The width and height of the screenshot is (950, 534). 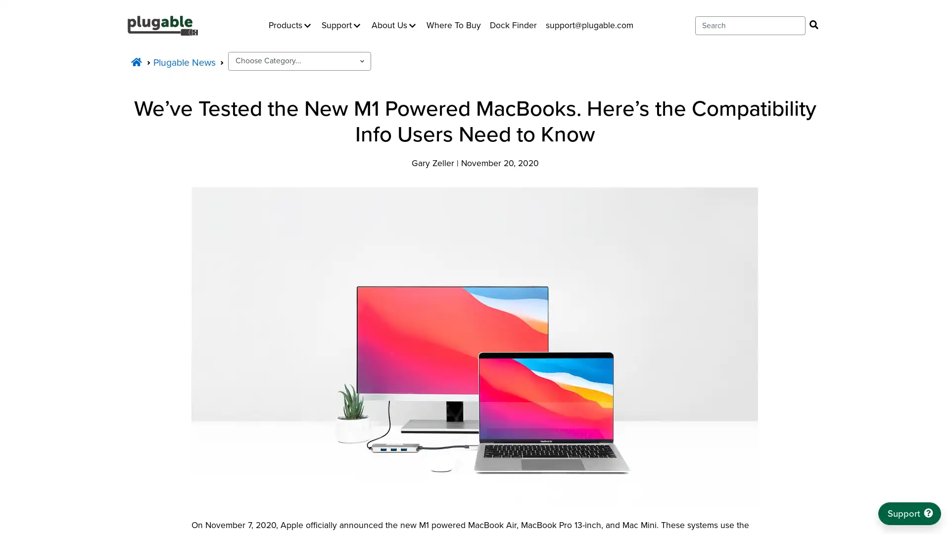 I want to click on Submit Search, so click(x=814, y=24).